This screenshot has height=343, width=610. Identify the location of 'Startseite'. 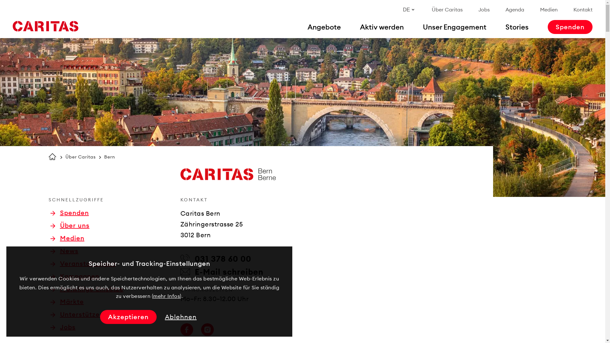
(52, 157).